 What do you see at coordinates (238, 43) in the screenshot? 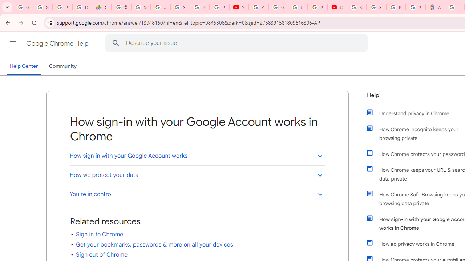
I see `'Describe your issue'` at bounding box center [238, 43].